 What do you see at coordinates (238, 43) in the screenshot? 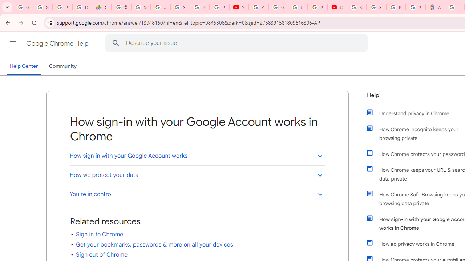
I see `'Describe your issue'` at bounding box center [238, 43].